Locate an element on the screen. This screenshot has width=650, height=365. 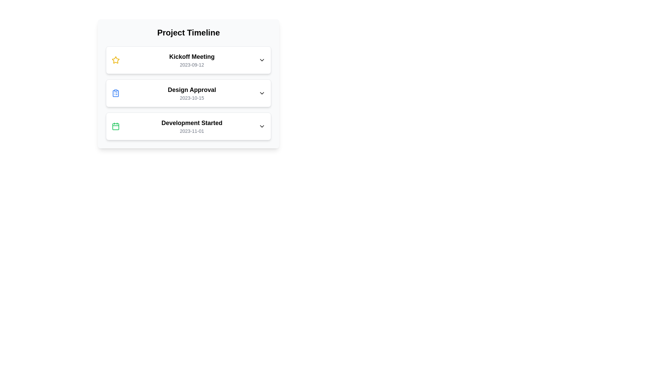
the title text for the first entry in the timeline, which is located above the date '2023-09-12' and adjacent to a star icon is located at coordinates (191, 56).